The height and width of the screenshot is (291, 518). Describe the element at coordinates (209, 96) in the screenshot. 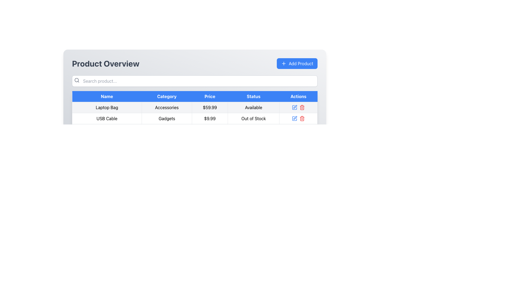

I see `the text label displaying 'Price' in bold with a blue background, located in the header of the table between the 'Category' and 'Status' columns` at that location.